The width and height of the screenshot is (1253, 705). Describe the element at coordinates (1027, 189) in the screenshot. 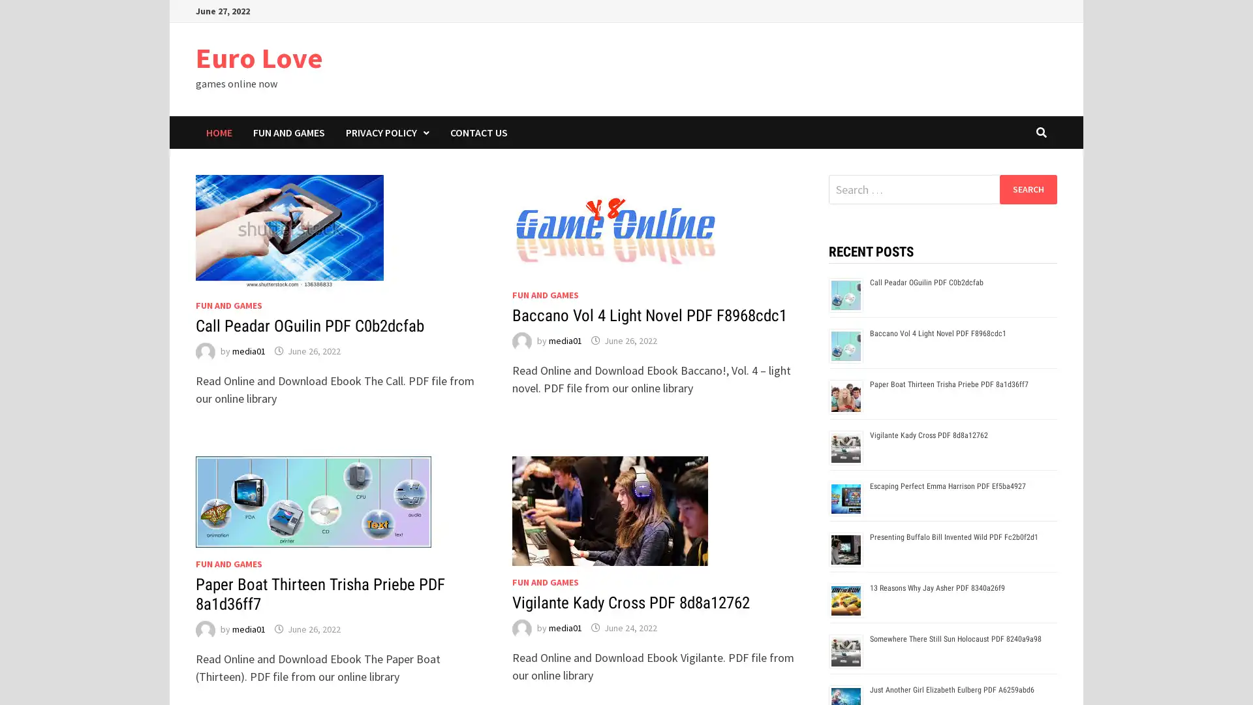

I see `Search` at that location.